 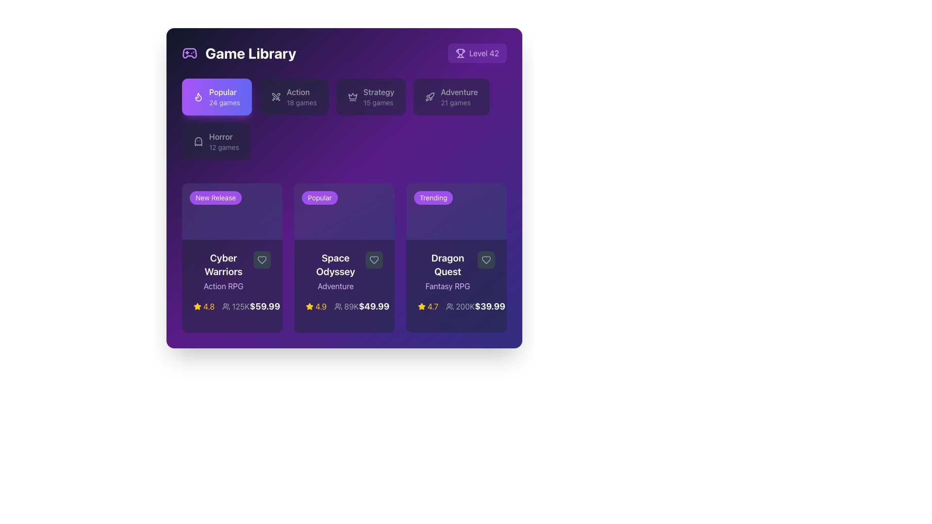 I want to click on text displayed in the Static Text Label that shows '15 games', which is positioned below the 'Strategy' label within a card-like UI element, so click(x=378, y=103).